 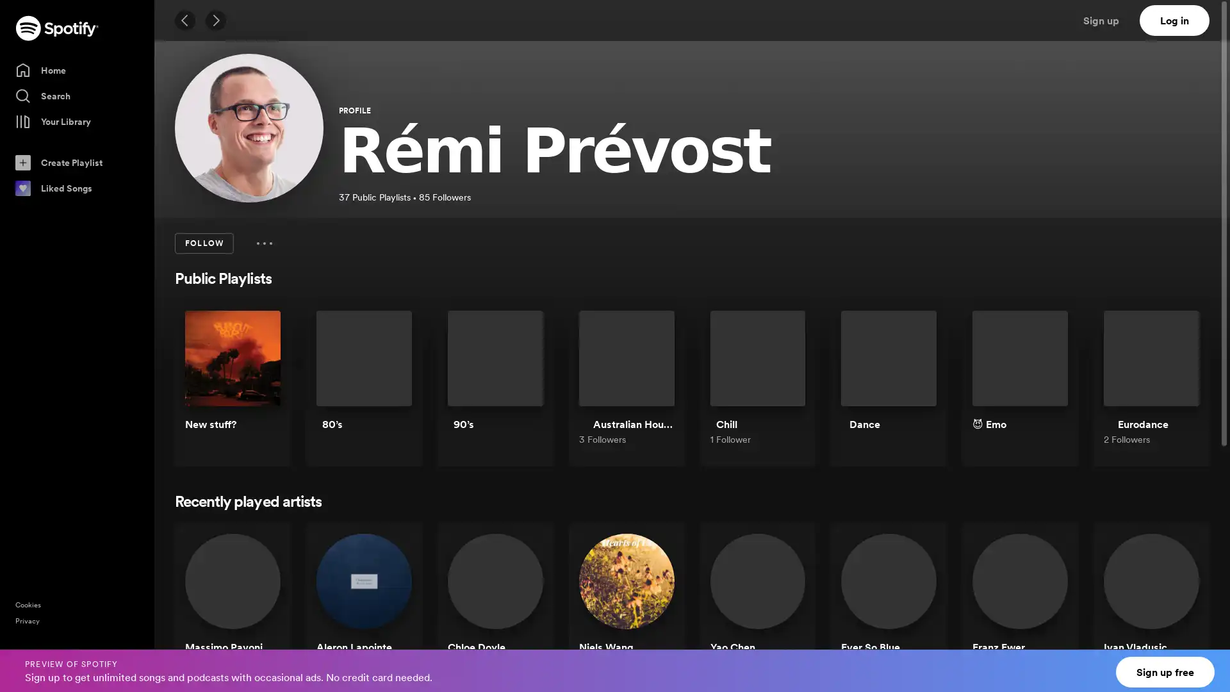 What do you see at coordinates (1174, 20) in the screenshot?
I see `Log in` at bounding box center [1174, 20].